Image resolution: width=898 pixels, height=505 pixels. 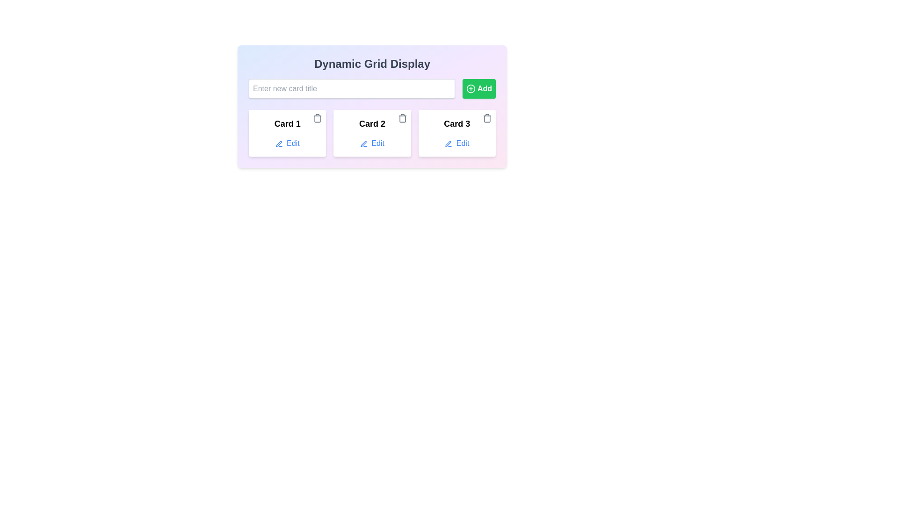 What do you see at coordinates (372, 144) in the screenshot?
I see `the 'Edit' hyperlink located at the bottom center of 'Card 2', which is styled in blue with a pen icon adjacent to it` at bounding box center [372, 144].